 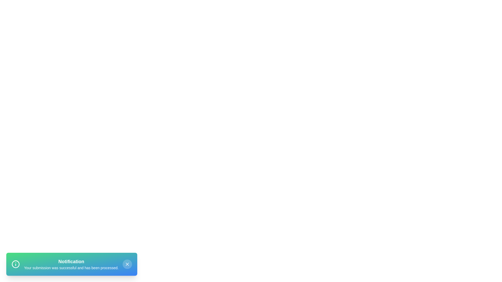 What do you see at coordinates (15, 264) in the screenshot?
I see `the notification icon to inspect it` at bounding box center [15, 264].